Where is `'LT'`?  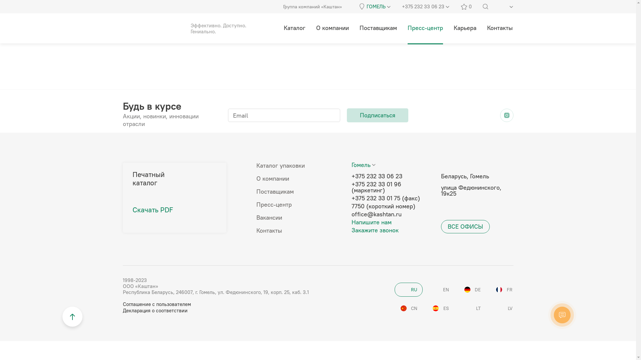
'LT' is located at coordinates (472, 308).